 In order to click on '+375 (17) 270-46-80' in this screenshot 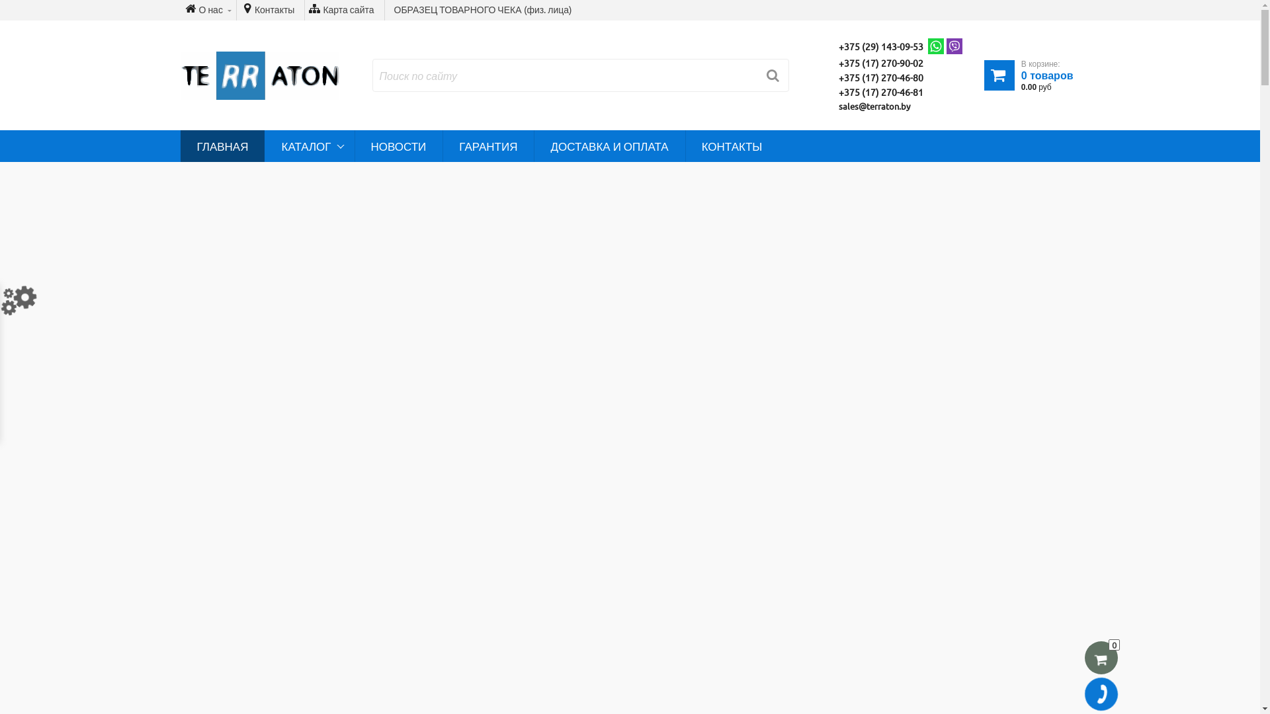, I will do `click(882, 77)`.